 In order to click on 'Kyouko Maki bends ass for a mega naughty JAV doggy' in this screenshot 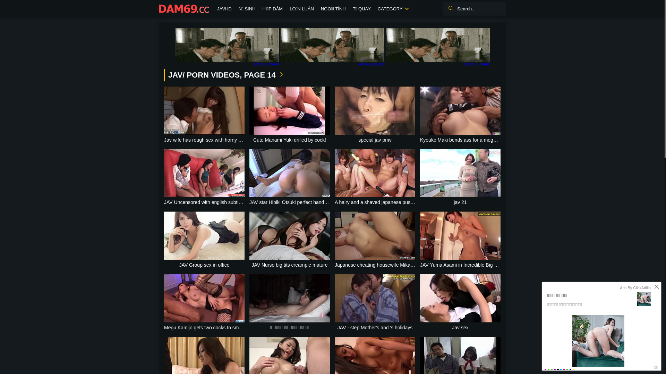, I will do `click(460, 115)`.